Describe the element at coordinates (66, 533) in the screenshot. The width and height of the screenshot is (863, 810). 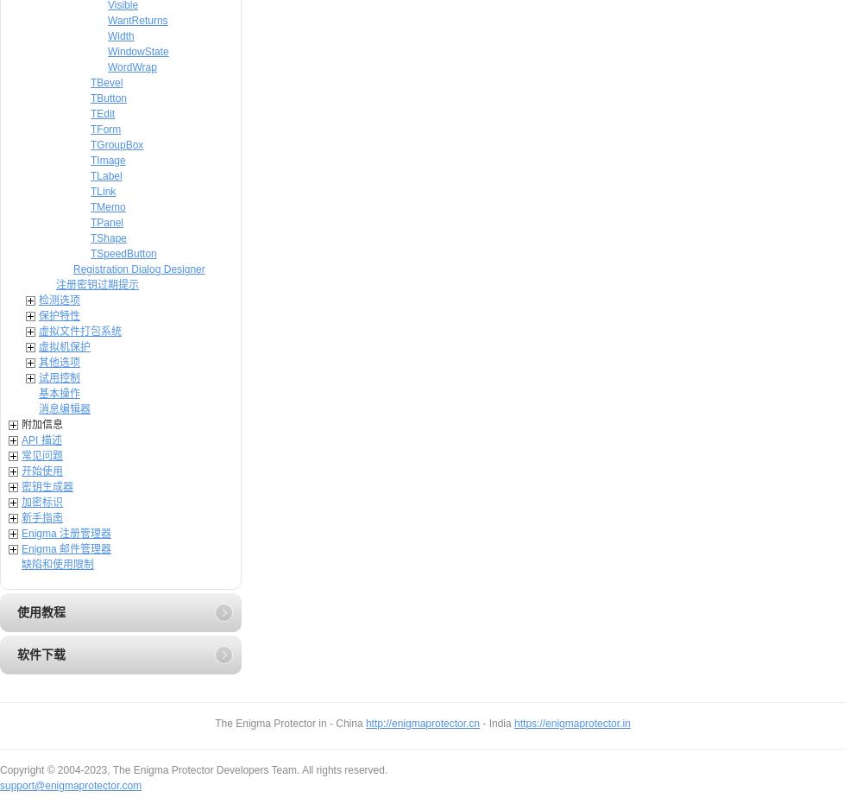
I see `'Enigma 注册管理器'` at that location.